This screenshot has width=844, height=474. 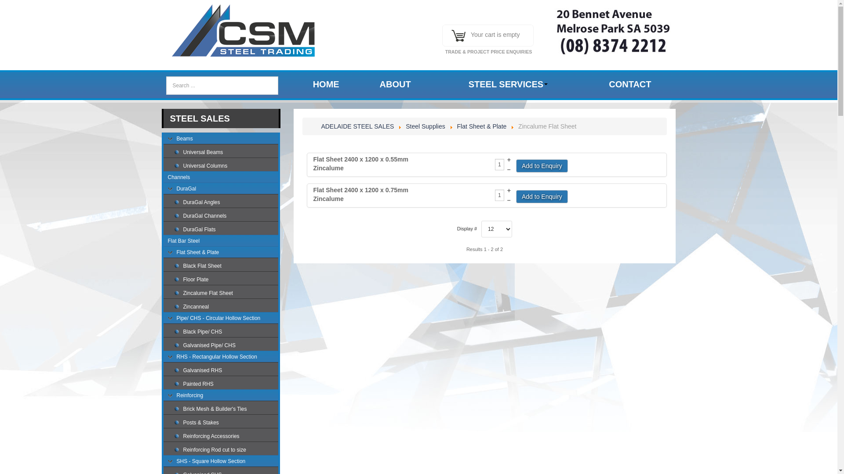 I want to click on 'Posts & Stakes', so click(x=226, y=423).